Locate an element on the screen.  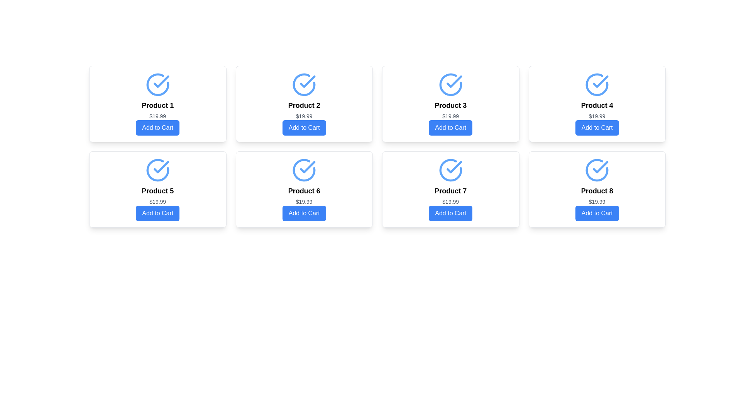
the card labeled 'Product 7', which is the seventh card in a grid layout positioned in the second row and third column is located at coordinates (450, 190).